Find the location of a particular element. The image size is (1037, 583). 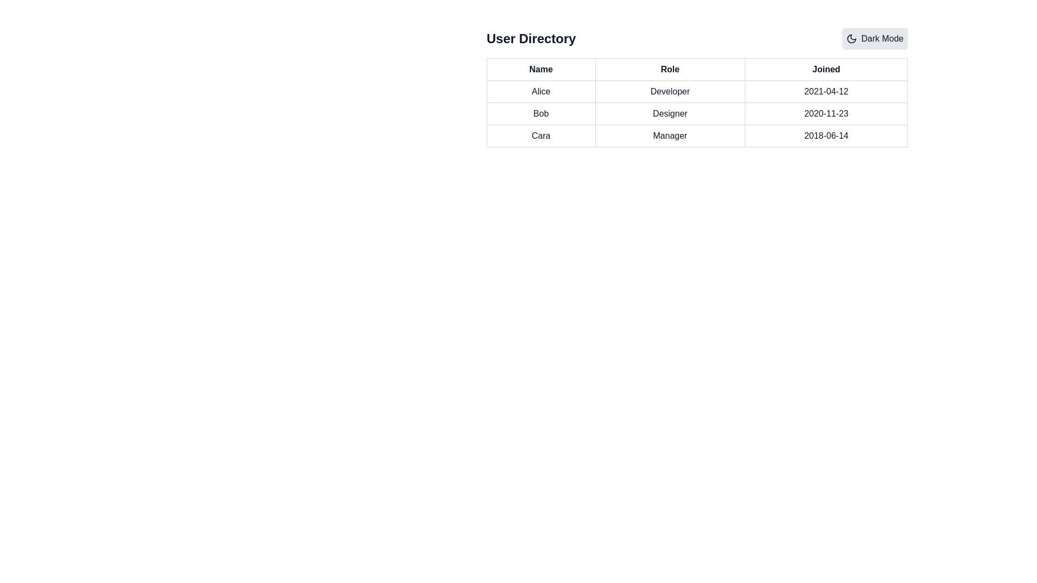

the Text Label indicating the content of the associated section, which is positioned to the left of the 'Dark Mode' button is located at coordinates (531, 38).